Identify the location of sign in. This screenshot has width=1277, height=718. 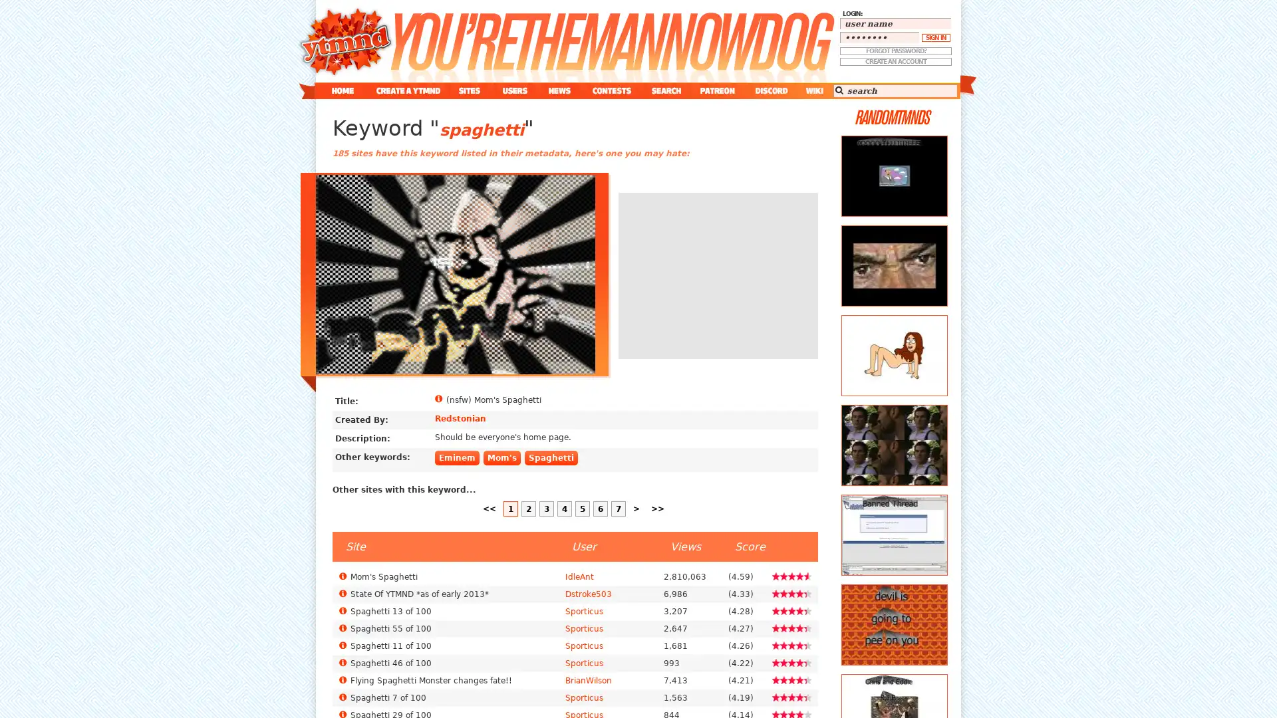
(935, 37).